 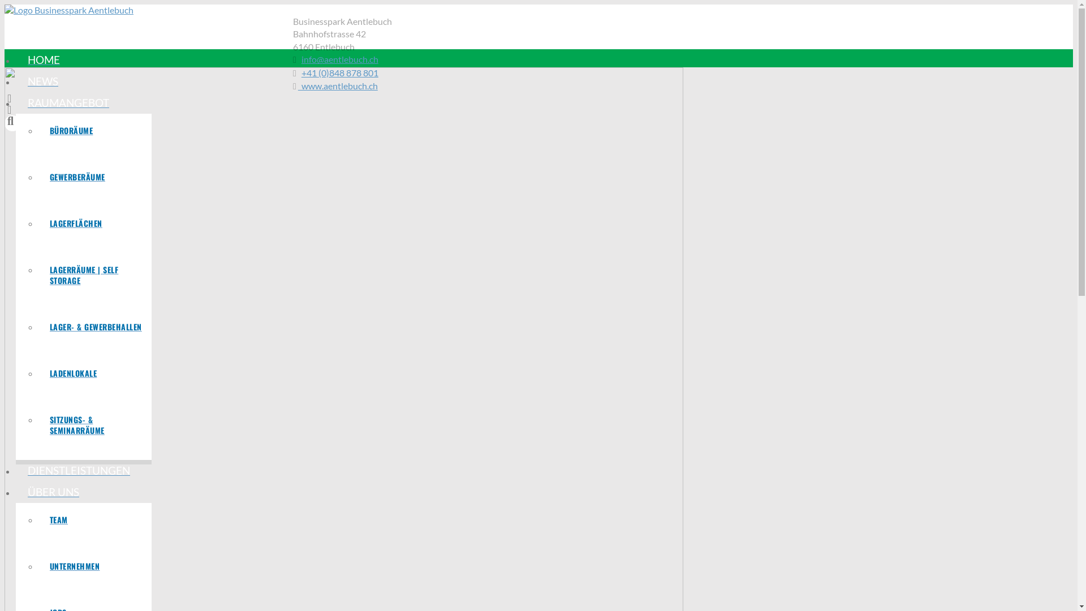 What do you see at coordinates (16, 102) in the screenshot?
I see `'RAUMANGEBOT'` at bounding box center [16, 102].